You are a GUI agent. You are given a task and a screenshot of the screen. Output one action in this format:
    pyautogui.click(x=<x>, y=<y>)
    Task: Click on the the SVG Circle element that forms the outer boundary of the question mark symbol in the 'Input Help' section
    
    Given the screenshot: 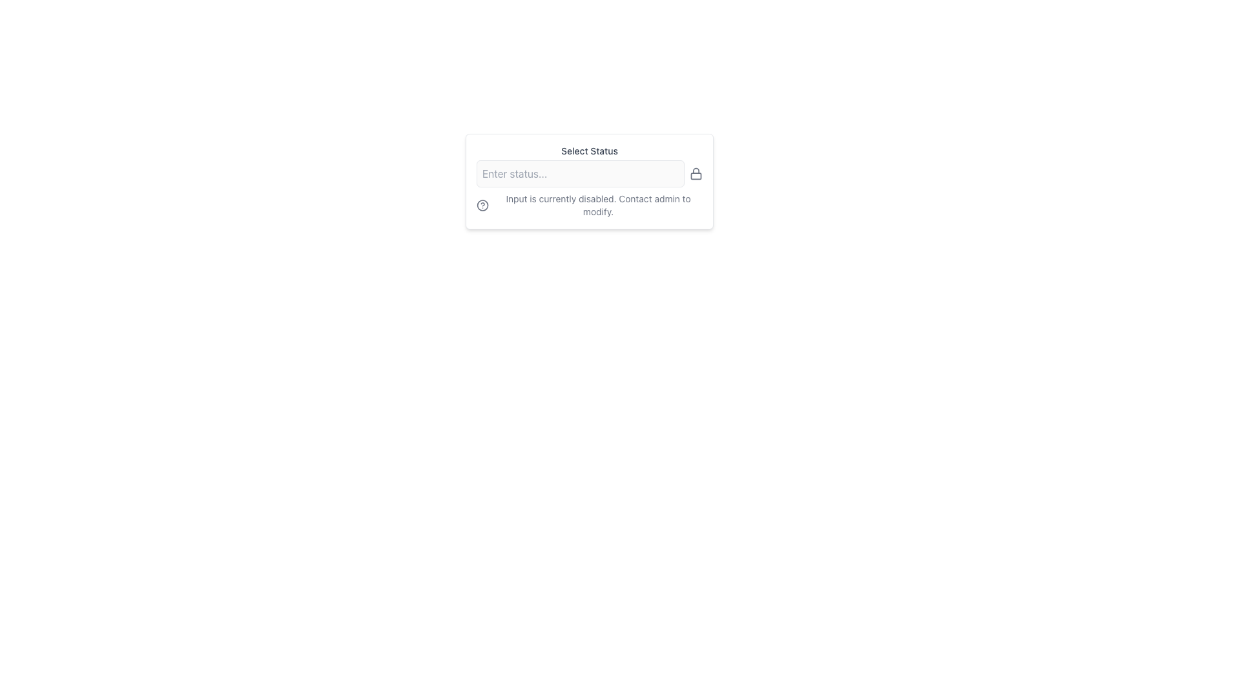 What is the action you would take?
    pyautogui.click(x=482, y=204)
    